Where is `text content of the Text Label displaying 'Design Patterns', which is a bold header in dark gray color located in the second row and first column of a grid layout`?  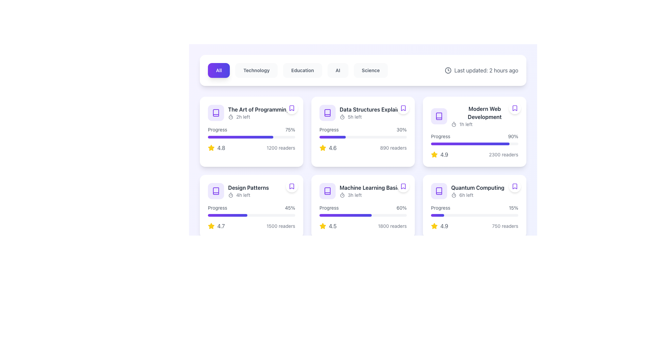
text content of the Text Label displaying 'Design Patterns', which is a bold header in dark gray color located in the second row and first column of a grid layout is located at coordinates (248, 187).